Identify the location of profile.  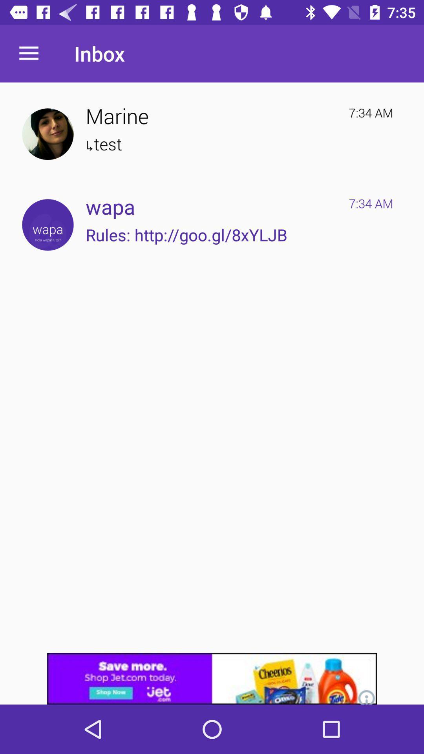
(48, 134).